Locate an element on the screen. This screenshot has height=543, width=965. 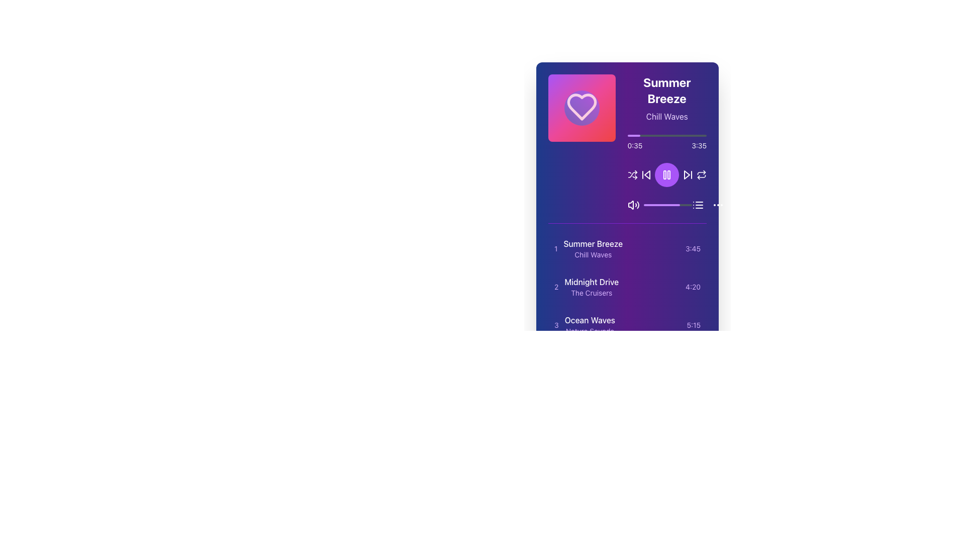
the first item in the music playlist list that displays the title and subtitle for user identification is located at coordinates (589, 248).